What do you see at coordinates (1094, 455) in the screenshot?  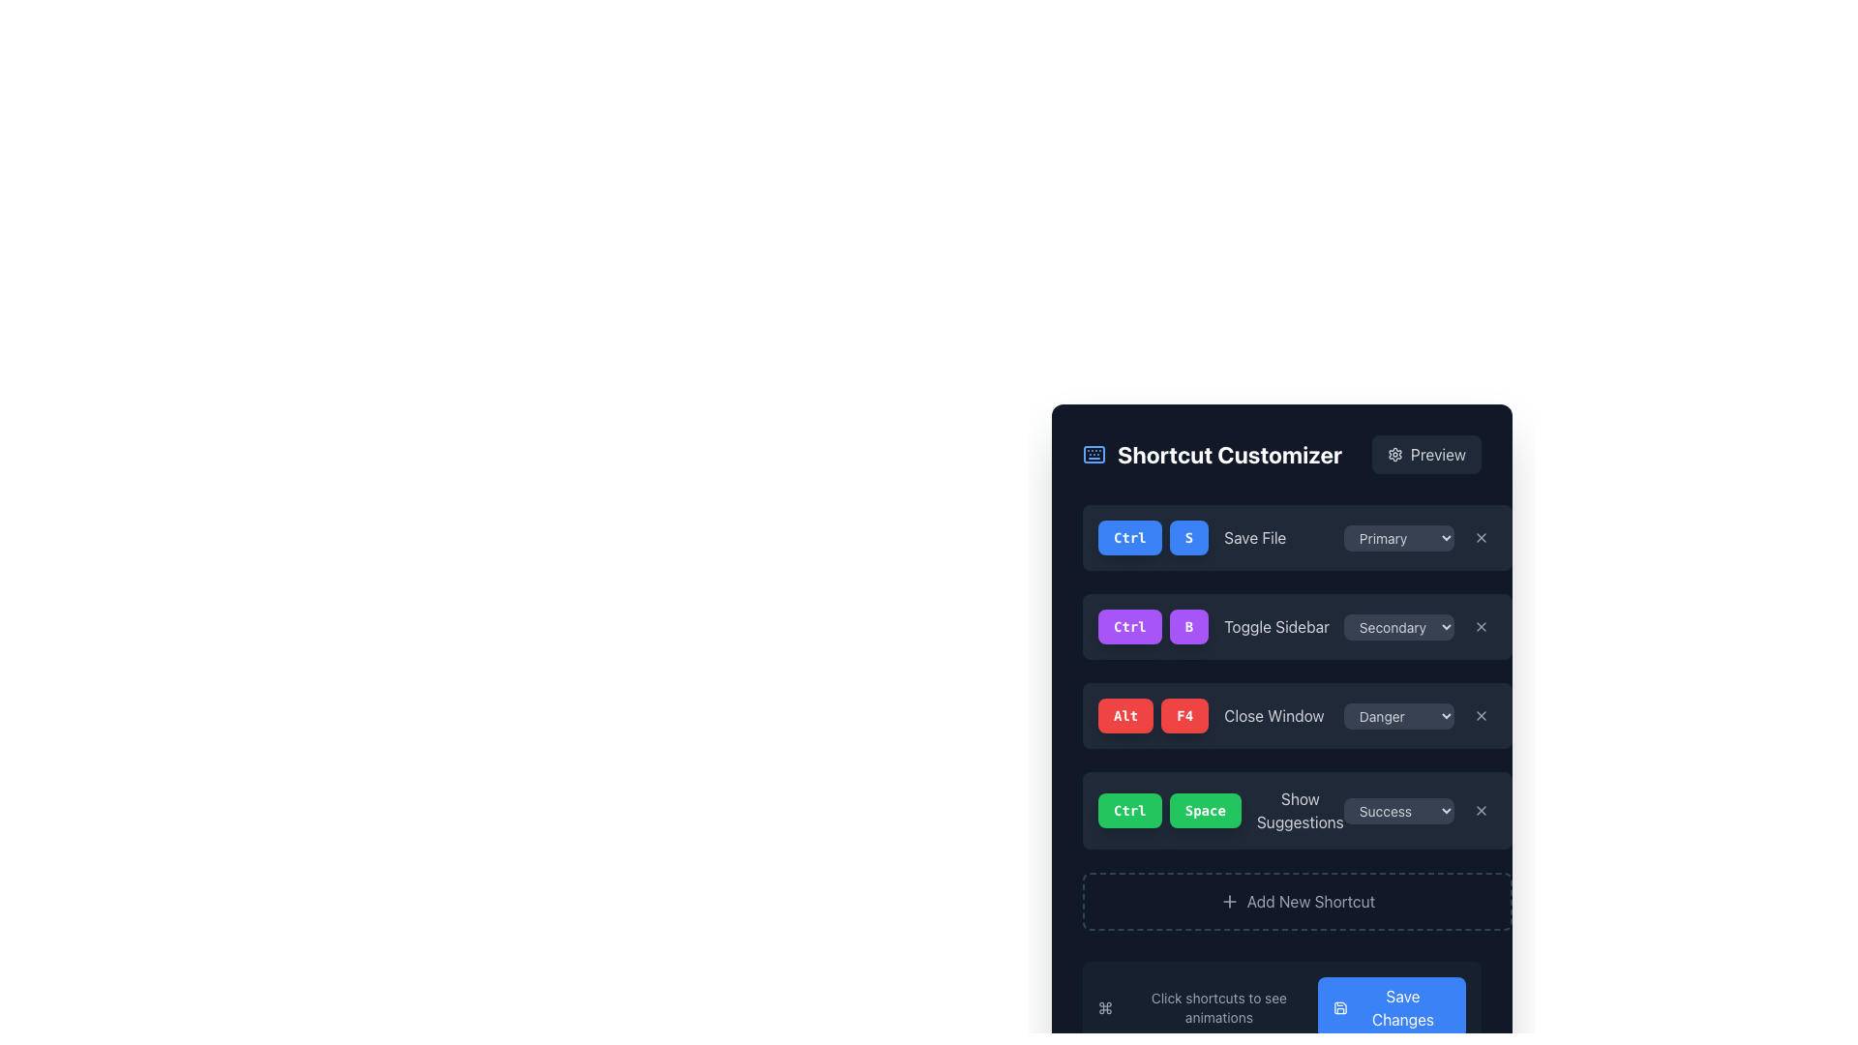 I see `the icon representing keyboard shortcuts located in the header section of the 'Shortcut Customizer' panel, which is aligned with the heading text` at bounding box center [1094, 455].